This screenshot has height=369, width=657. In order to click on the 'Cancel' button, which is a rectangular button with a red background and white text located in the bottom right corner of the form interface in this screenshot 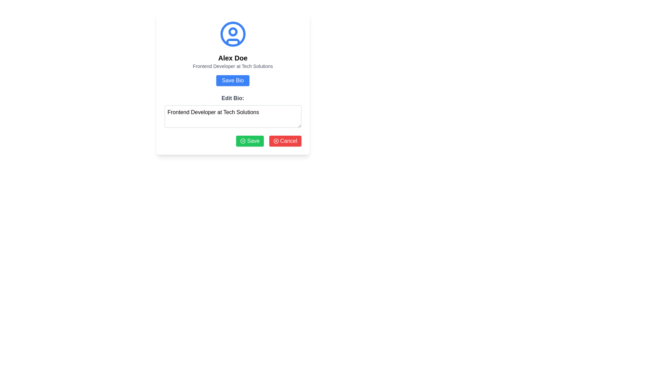, I will do `click(285, 140)`.